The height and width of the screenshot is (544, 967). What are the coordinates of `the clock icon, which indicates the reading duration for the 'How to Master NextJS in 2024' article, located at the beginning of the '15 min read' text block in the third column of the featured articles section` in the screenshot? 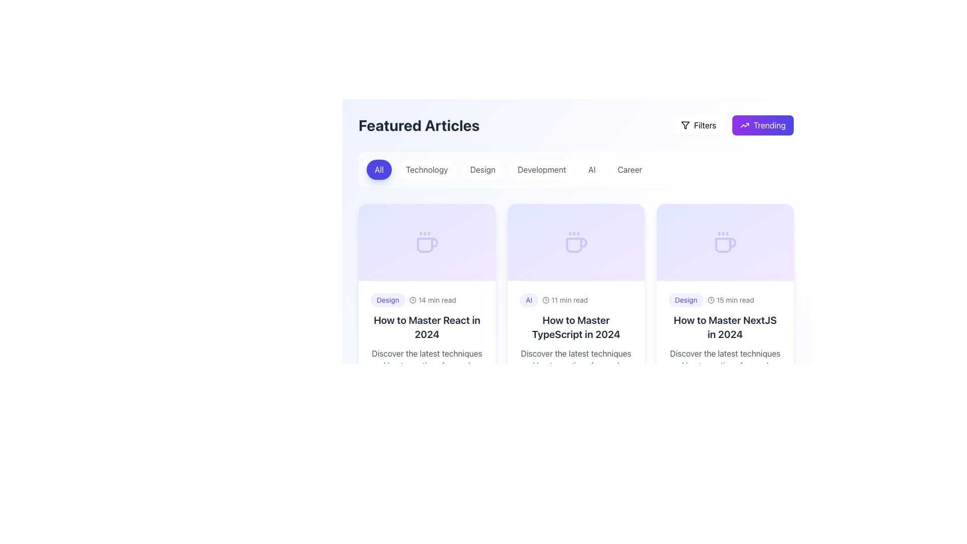 It's located at (710, 300).